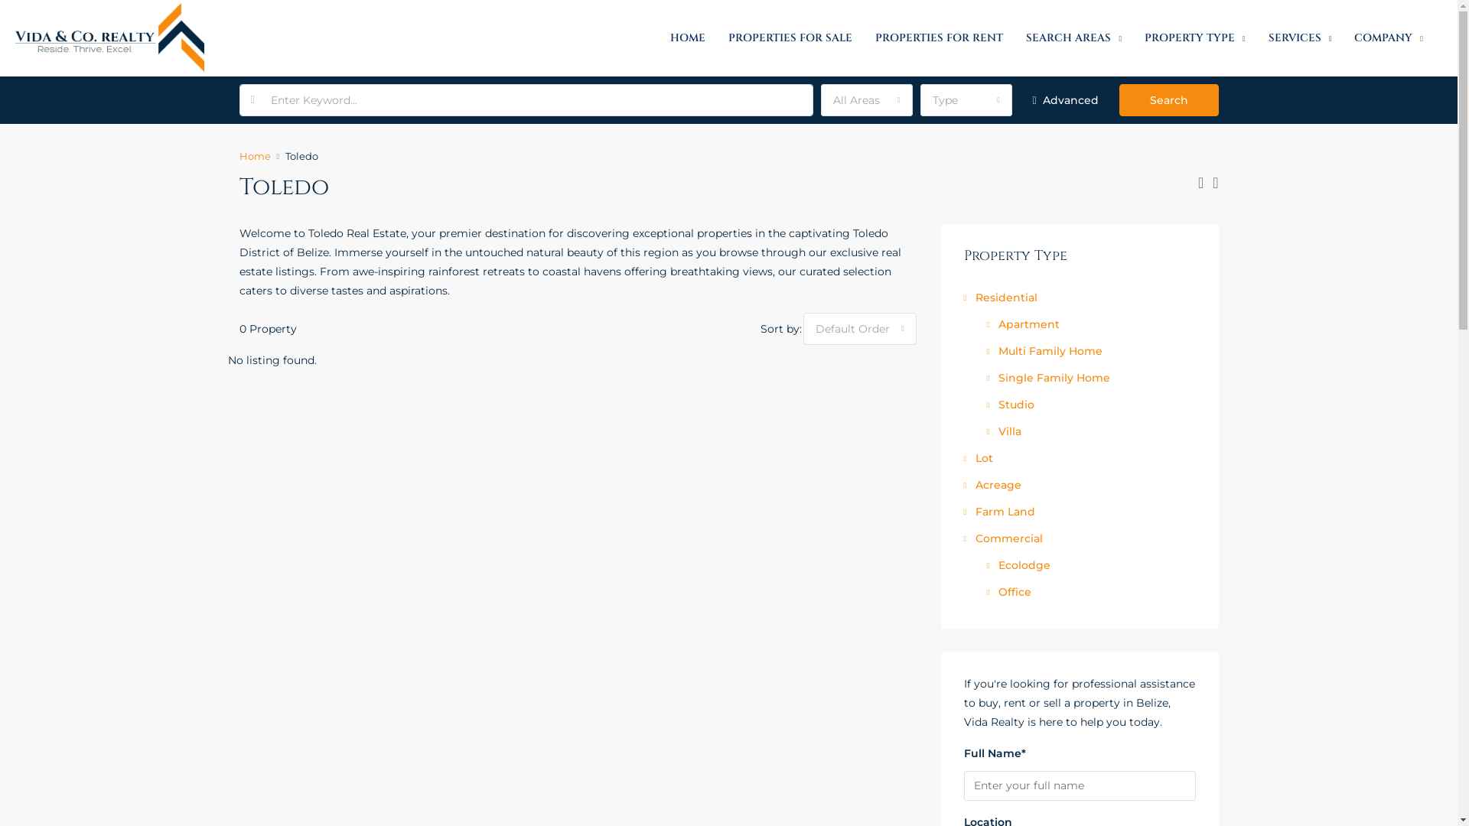 The width and height of the screenshot is (1469, 826). I want to click on 'SERVICES', so click(1299, 37).